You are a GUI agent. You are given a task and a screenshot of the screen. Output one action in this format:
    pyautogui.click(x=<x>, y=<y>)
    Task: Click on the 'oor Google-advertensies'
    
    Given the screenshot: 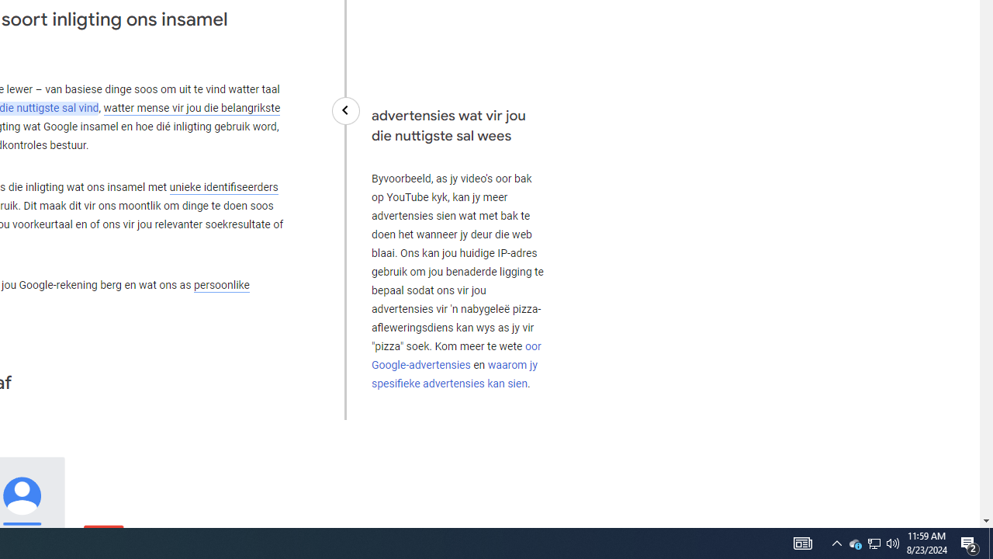 What is the action you would take?
    pyautogui.click(x=455, y=355)
    